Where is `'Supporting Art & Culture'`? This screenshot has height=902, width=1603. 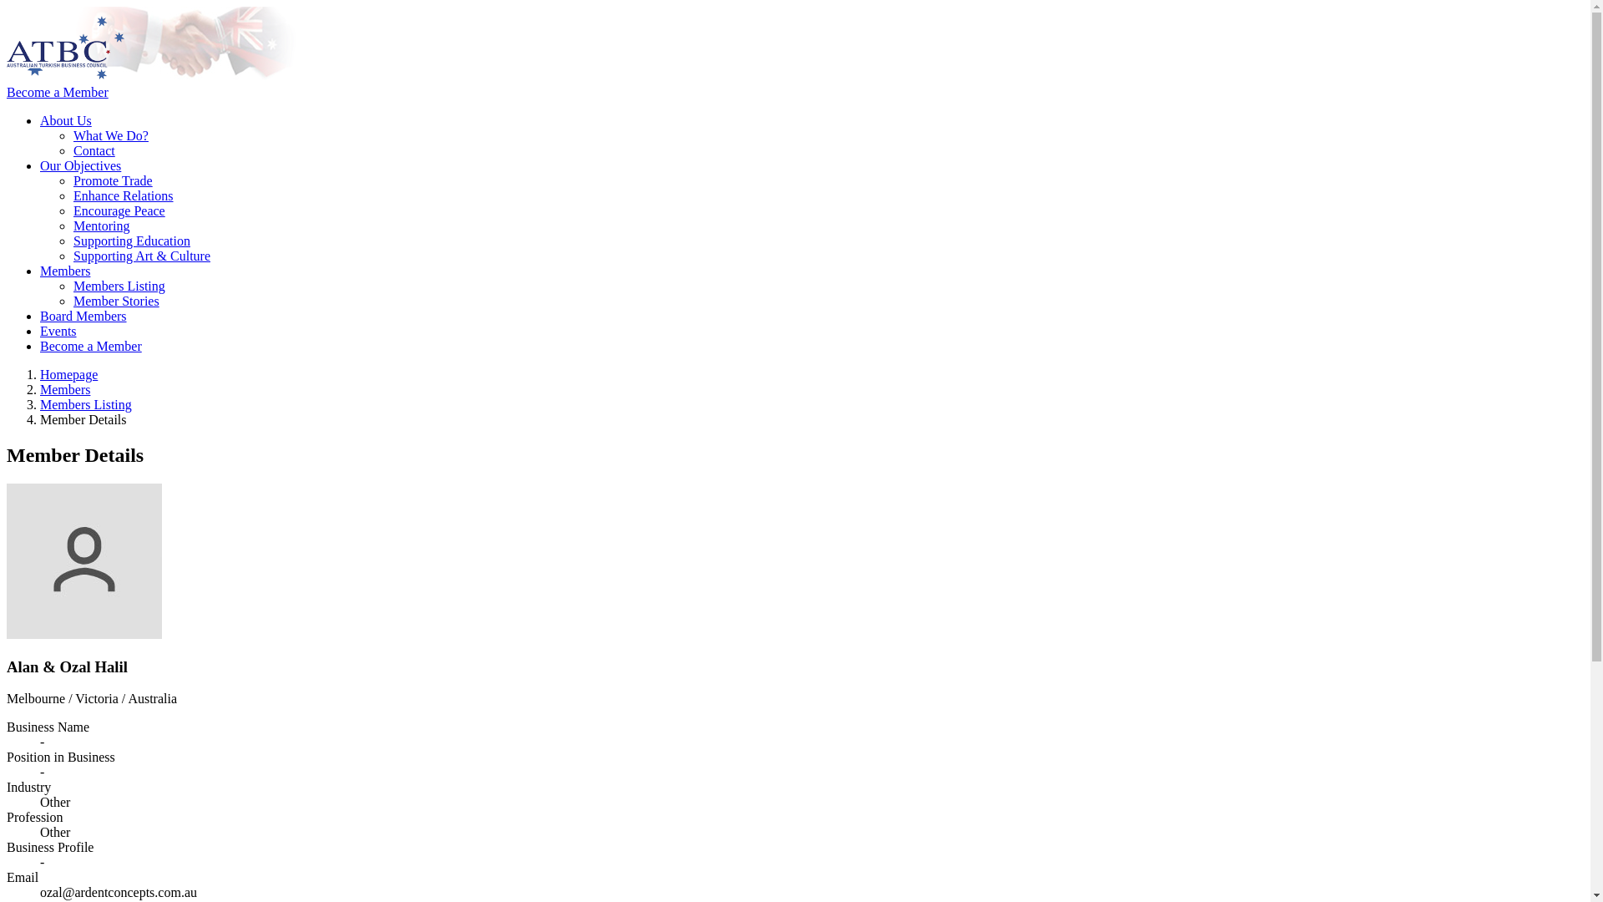
'Supporting Art & Culture' is located at coordinates (141, 256).